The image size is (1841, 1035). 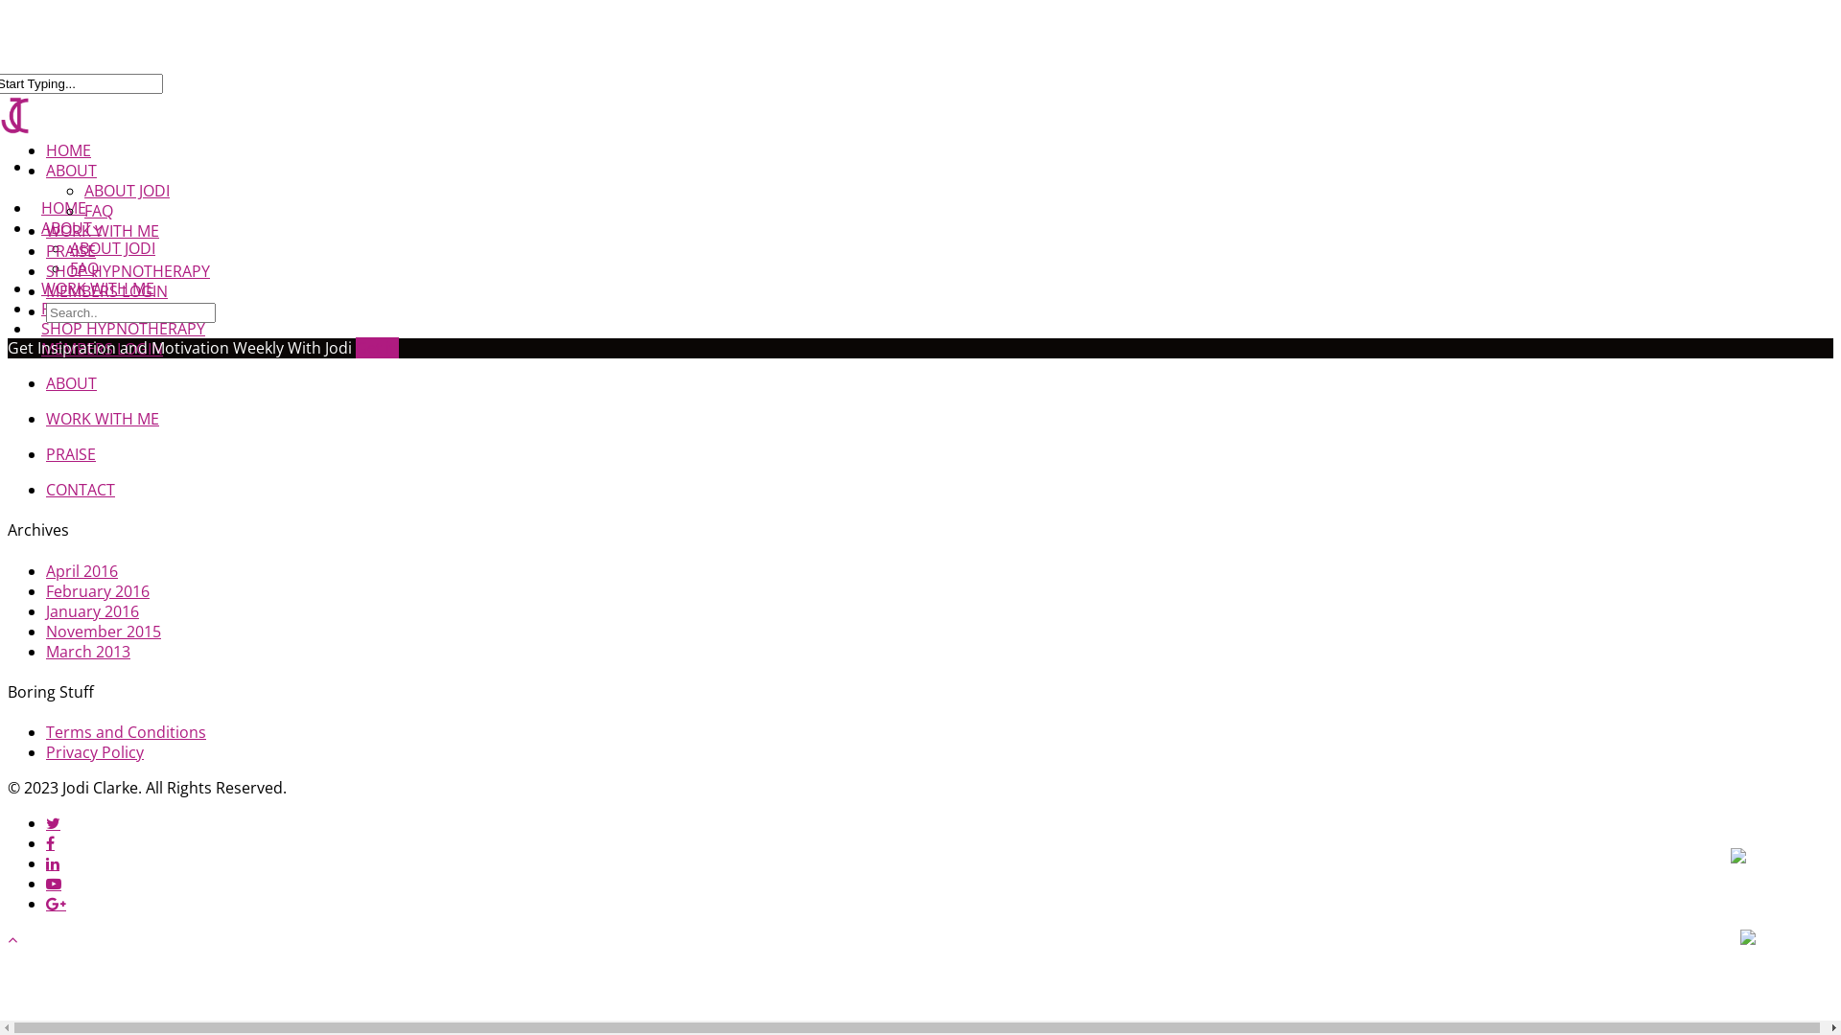 I want to click on 'PRAISE', so click(x=70, y=250).